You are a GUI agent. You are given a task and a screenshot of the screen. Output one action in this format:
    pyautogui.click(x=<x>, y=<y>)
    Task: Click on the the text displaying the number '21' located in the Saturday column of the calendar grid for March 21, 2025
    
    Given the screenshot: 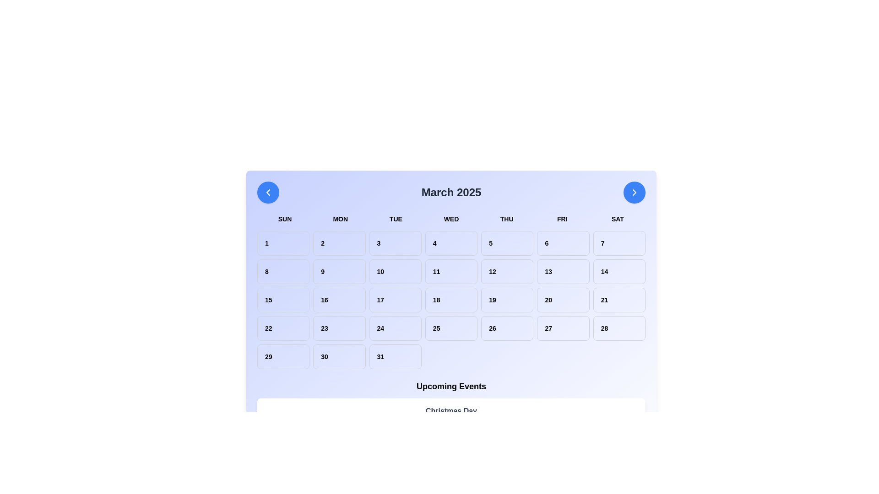 What is the action you would take?
    pyautogui.click(x=619, y=300)
    